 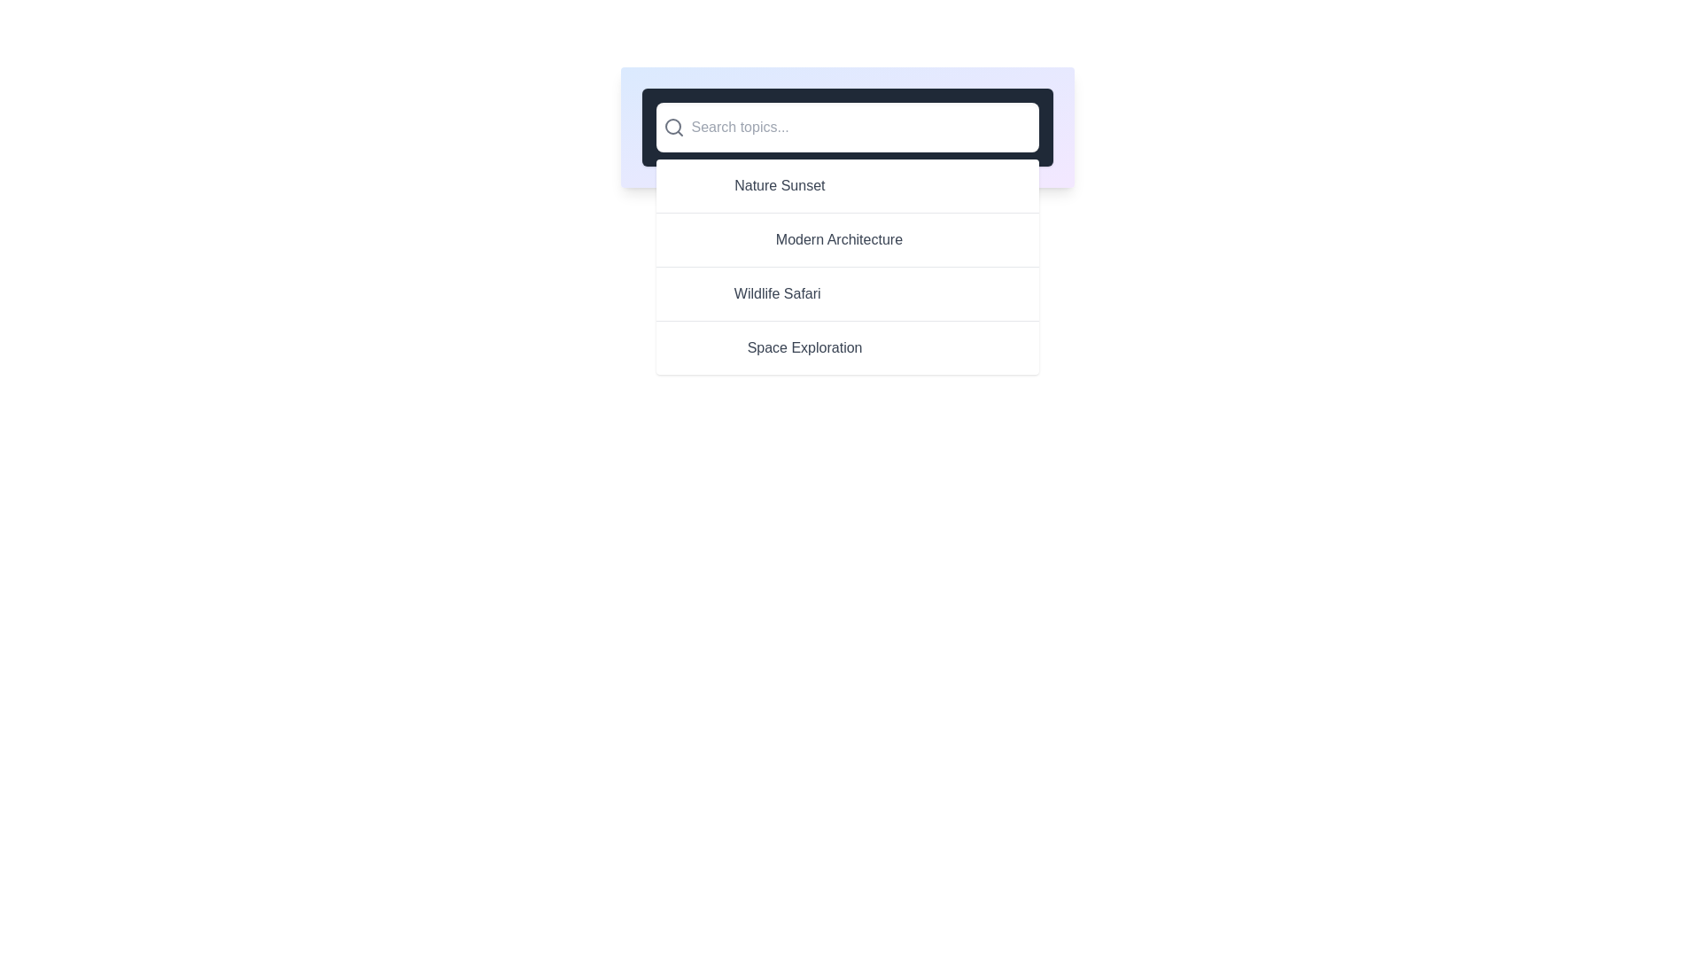 What do you see at coordinates (846, 267) in the screenshot?
I see `the dropdown menu located directly beneath the 'Search topics...' bar` at bounding box center [846, 267].